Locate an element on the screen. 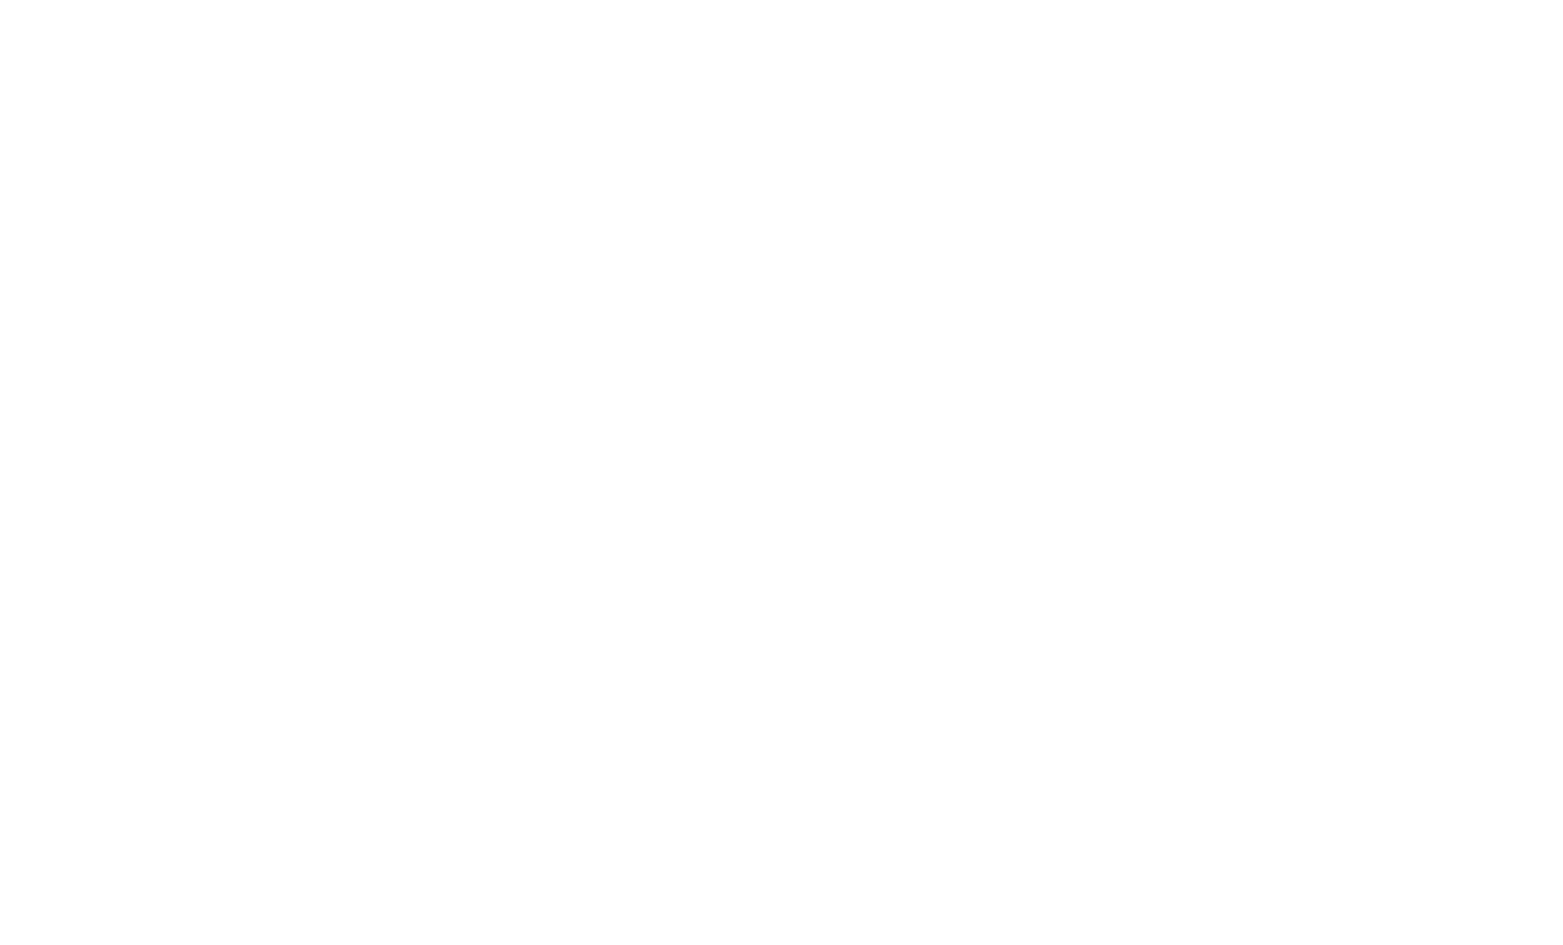 This screenshot has width=1563, height=945. 'iPhone 4s' is located at coordinates (1204, 274).